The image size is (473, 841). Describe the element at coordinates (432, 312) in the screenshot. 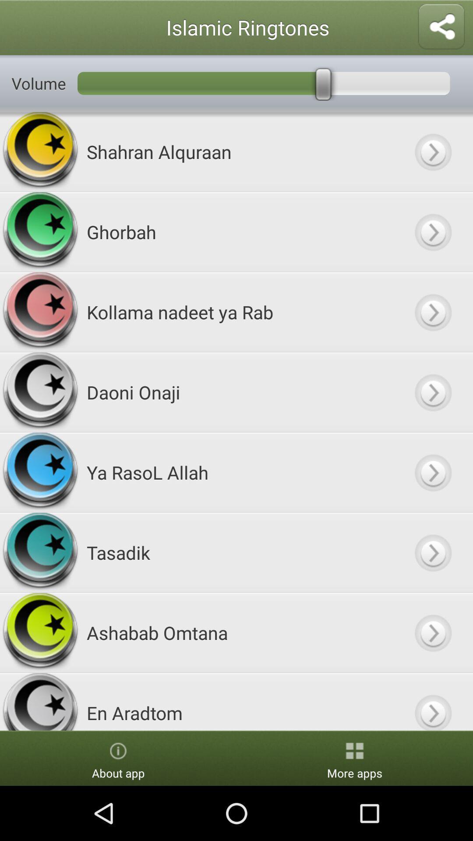

I see `kollama nadeet ya rab` at that location.